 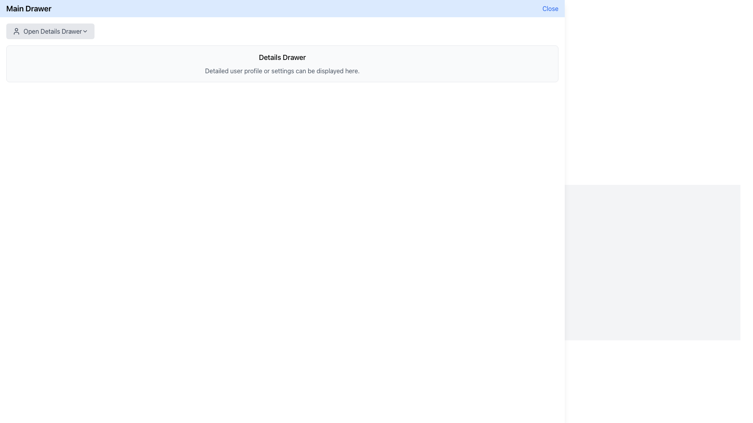 I want to click on the static text element displaying 'Detailed user profile or settings can be displayed here.' located below the 'Details Drawer' heading, so click(x=282, y=71).